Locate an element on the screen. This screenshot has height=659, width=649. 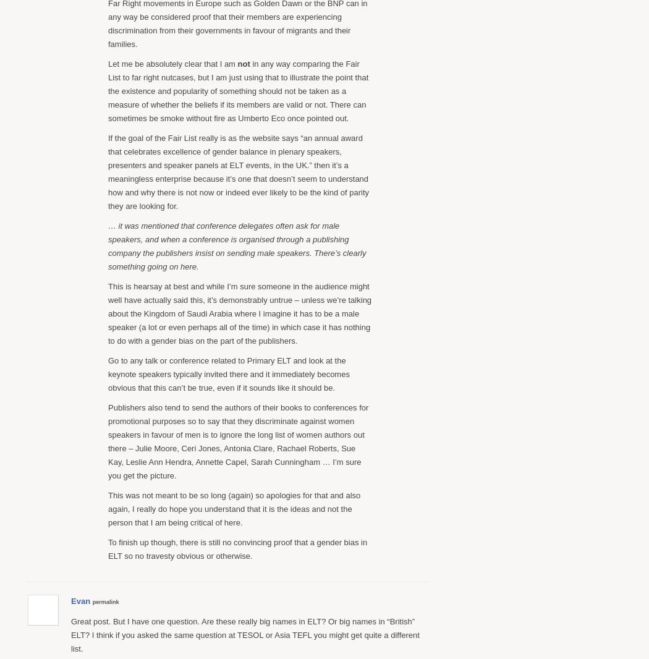
'This is hearsay at best and while I’m sure someone in the audience might well have actually said this, it’s demonstrably untrue – unless we’re talking about the Kingdom of Saudi Arabia where I imagine it has to be a male speaker (a lot or even perhaps all of the time) in which case it has nothing to do with a gender bias on the part of the publishers.' is located at coordinates (108, 313).